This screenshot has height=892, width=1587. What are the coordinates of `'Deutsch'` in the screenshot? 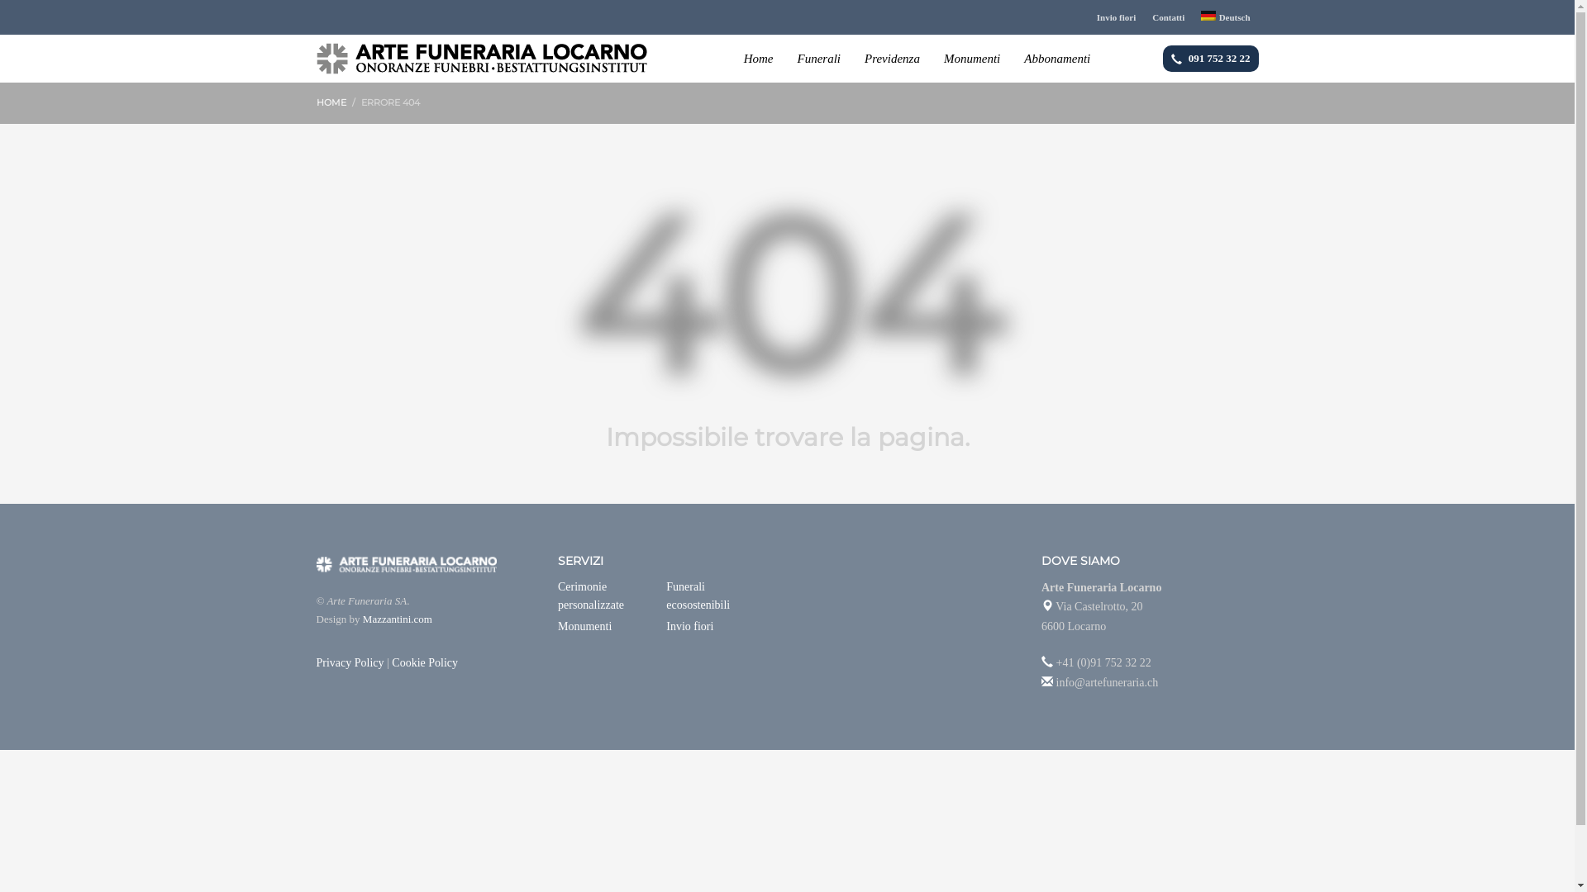 It's located at (1201, 17).